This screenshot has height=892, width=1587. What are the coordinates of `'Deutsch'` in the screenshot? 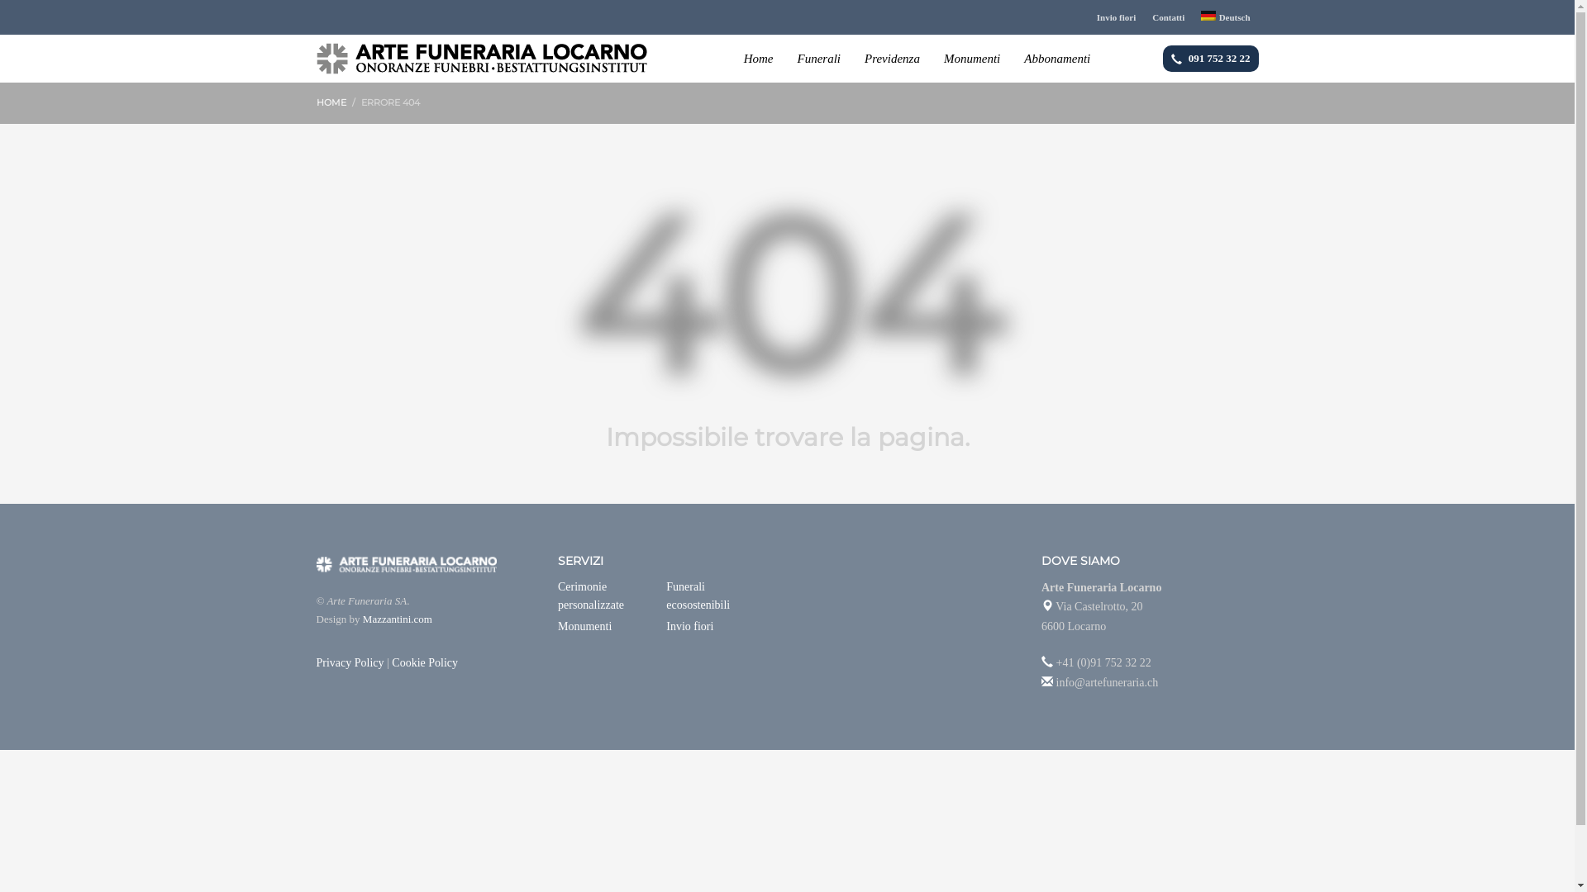 It's located at (1201, 17).